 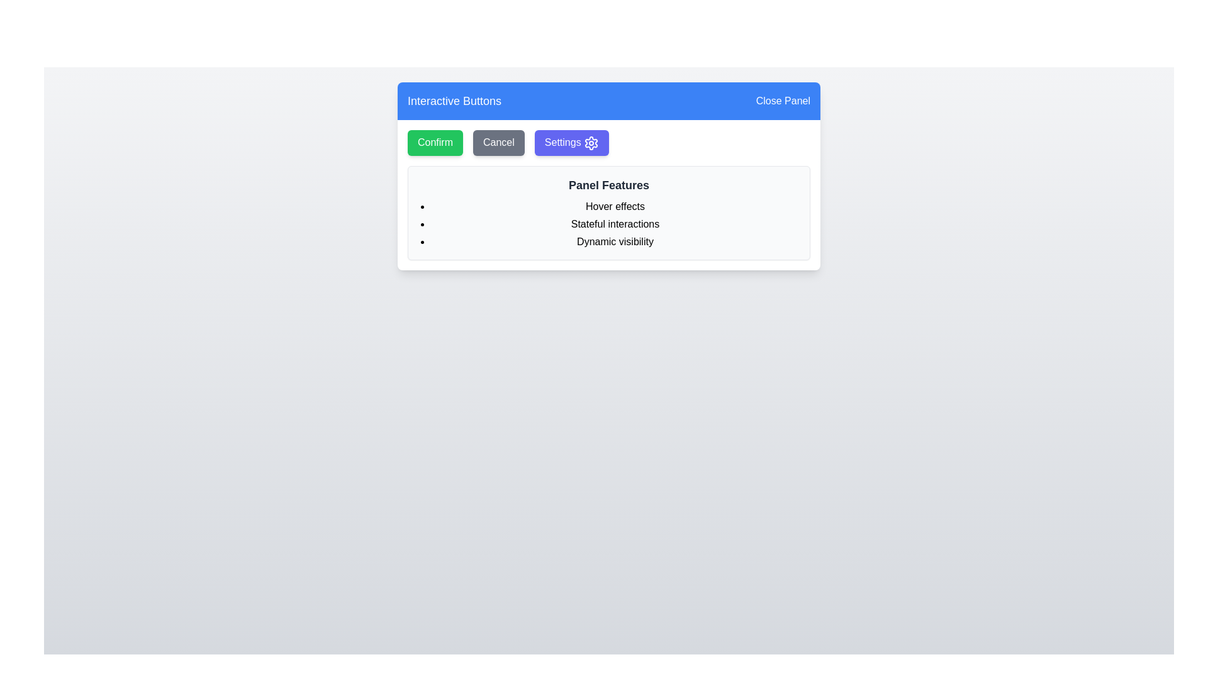 I want to click on the 'Cancel' button with a gray background and white text, positioned in the second place among three buttons in the 'Interactive Buttons' section, so click(x=498, y=142).